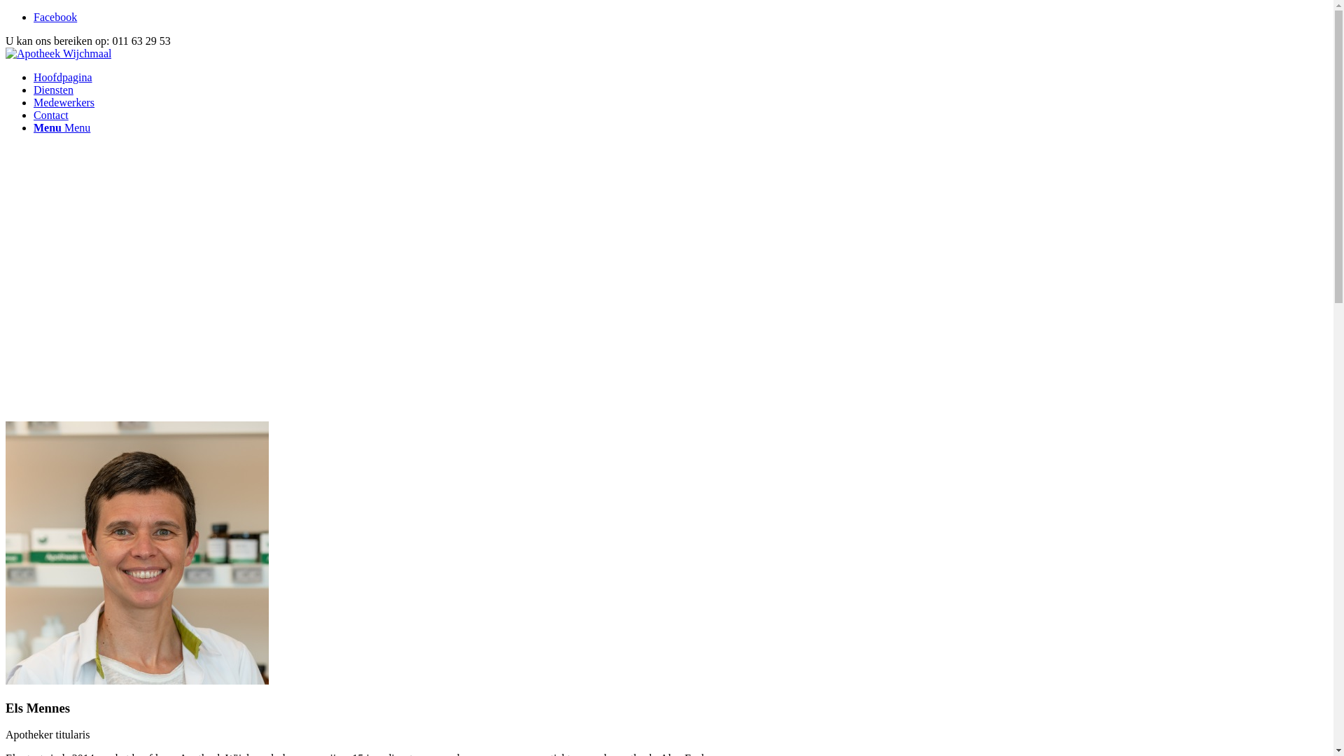 The image size is (1344, 756). What do you see at coordinates (53, 90) in the screenshot?
I see `'Diensten'` at bounding box center [53, 90].